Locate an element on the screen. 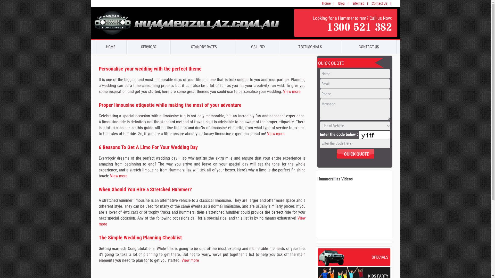 The width and height of the screenshot is (495, 278). 'Blog' is located at coordinates (341, 3).